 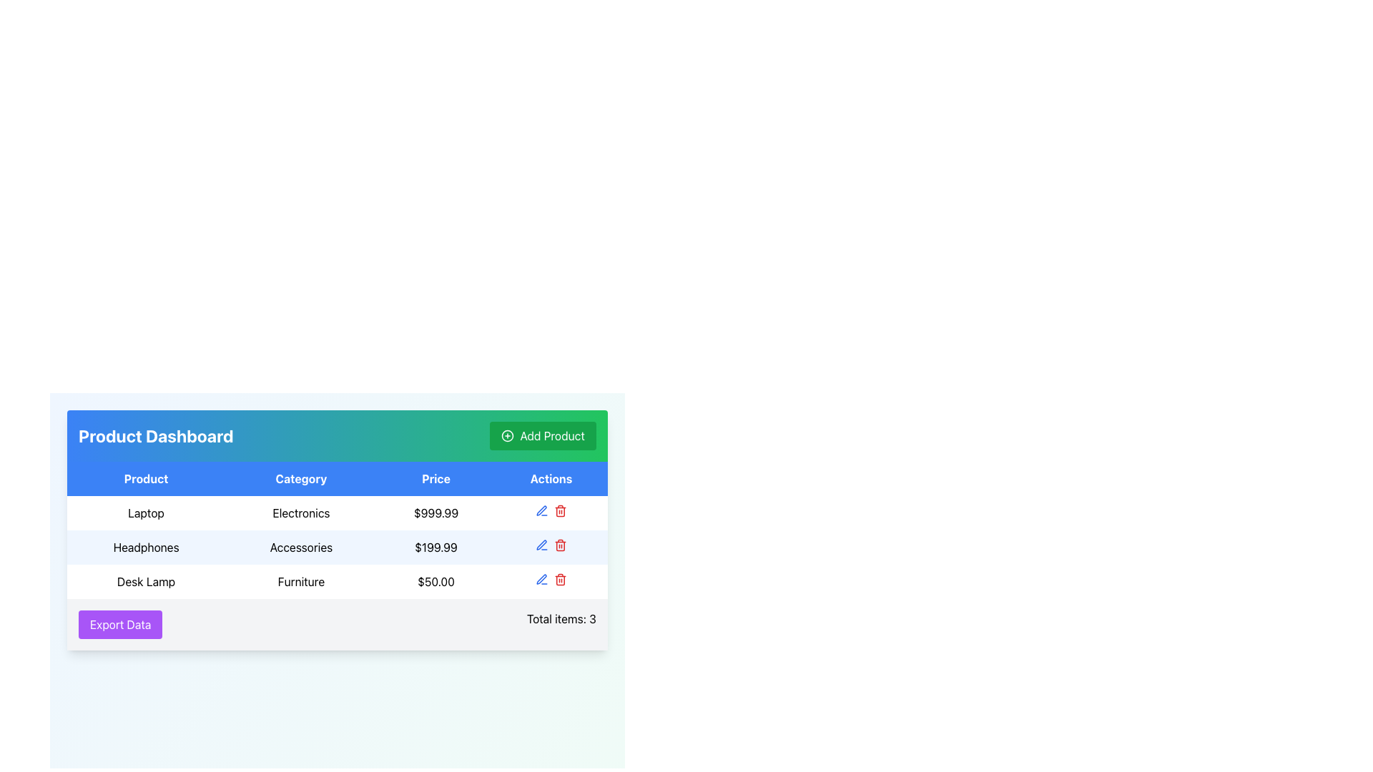 What do you see at coordinates (300, 547) in the screenshot?
I see `label indicating the category of the product in the second row under the 'Category' column of the table, positioned between 'Headphones' and '$199.99'` at bounding box center [300, 547].